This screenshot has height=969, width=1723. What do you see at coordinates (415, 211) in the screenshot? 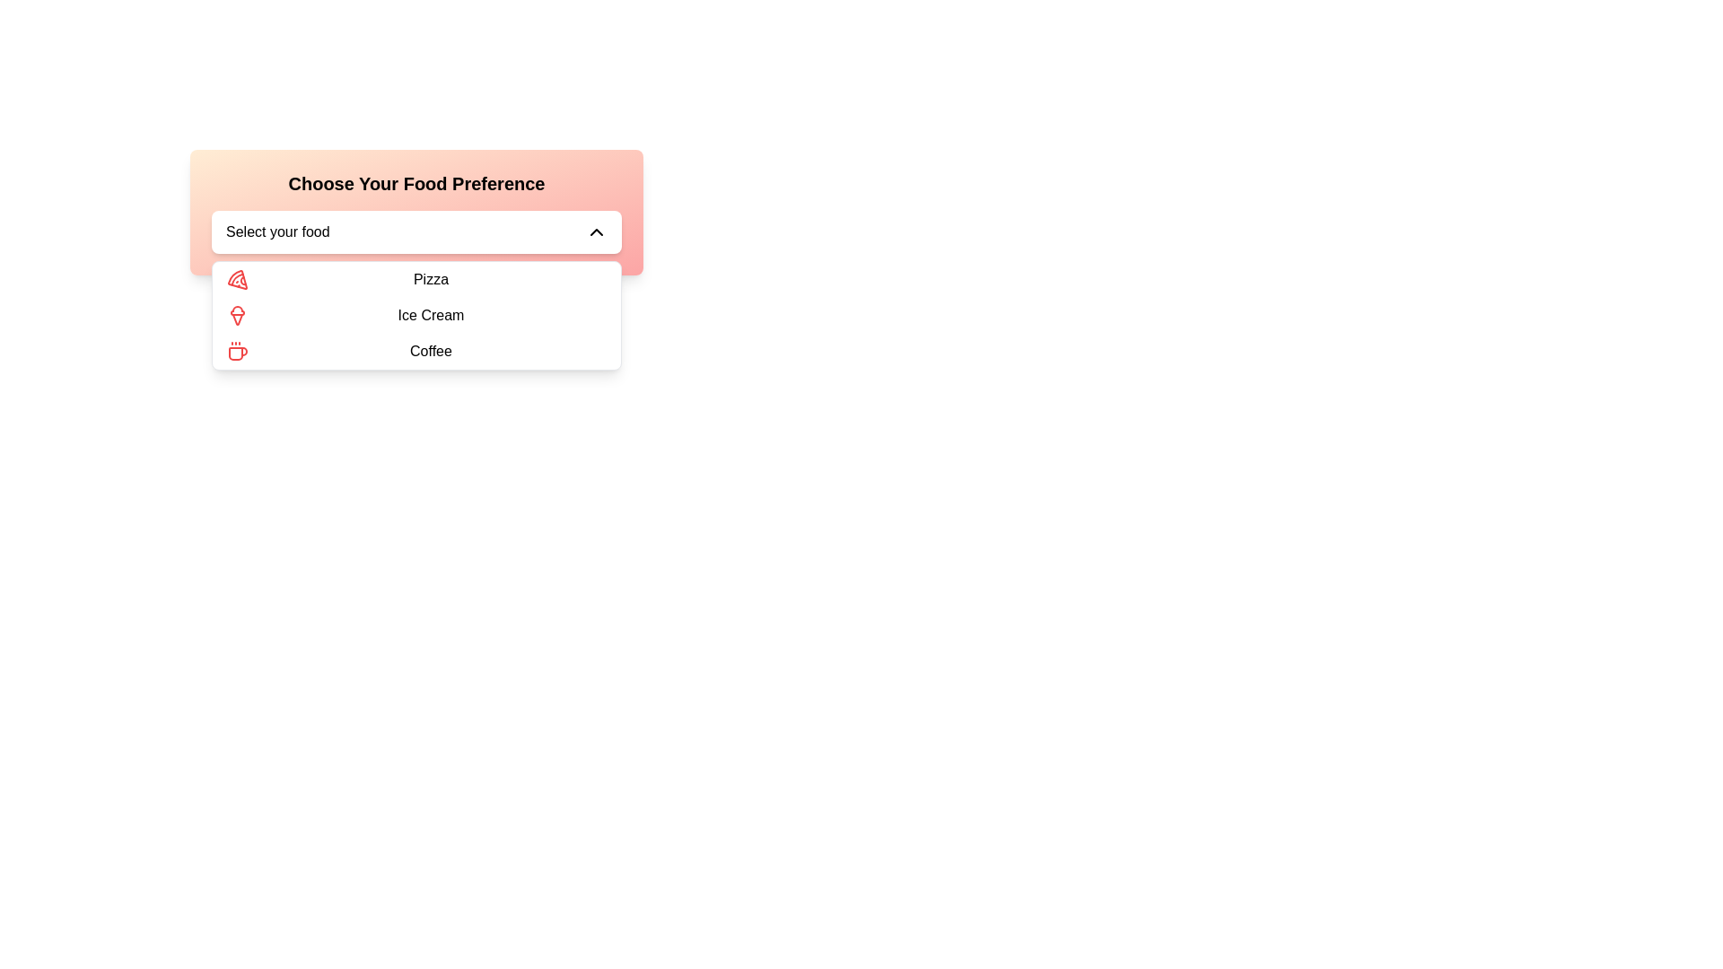
I see `the dropdown menu labeled 'Select your food'` at bounding box center [415, 211].